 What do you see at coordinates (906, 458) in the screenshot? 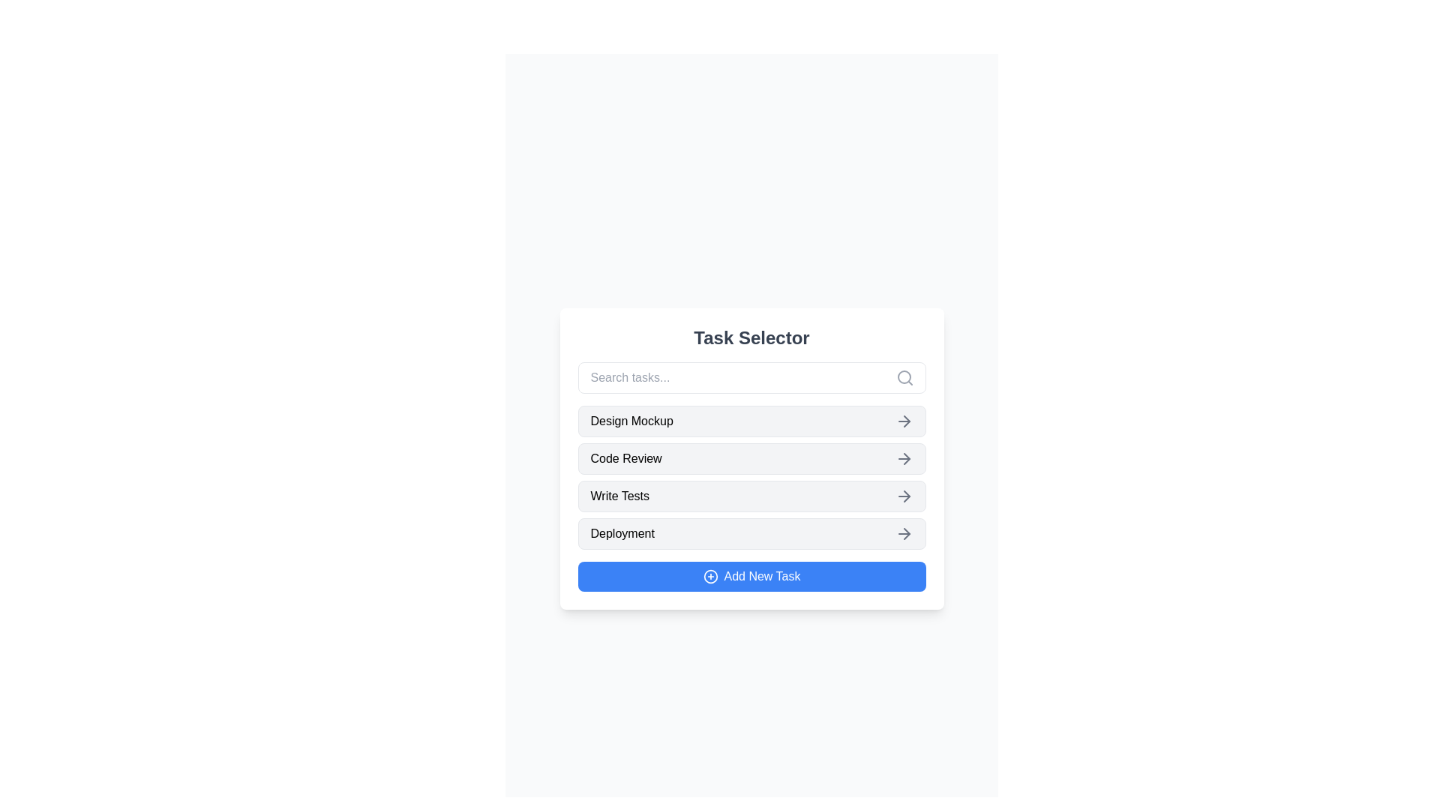
I see `the arrow-like icon with a minimalist design, positioned to the right of the 'Code Review' row` at bounding box center [906, 458].